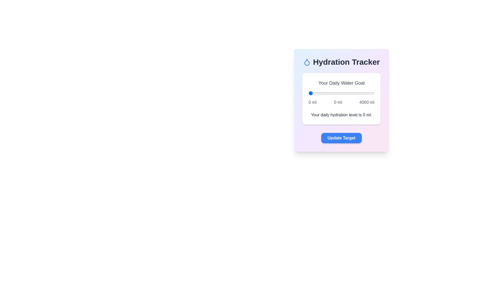  What do you see at coordinates (316, 93) in the screenshot?
I see `the water intake slider to 495 ml` at bounding box center [316, 93].